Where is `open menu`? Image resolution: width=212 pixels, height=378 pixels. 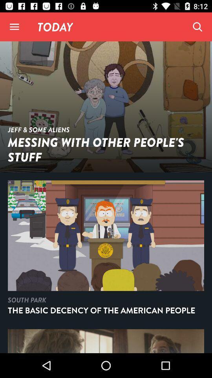 open menu is located at coordinates (14, 27).